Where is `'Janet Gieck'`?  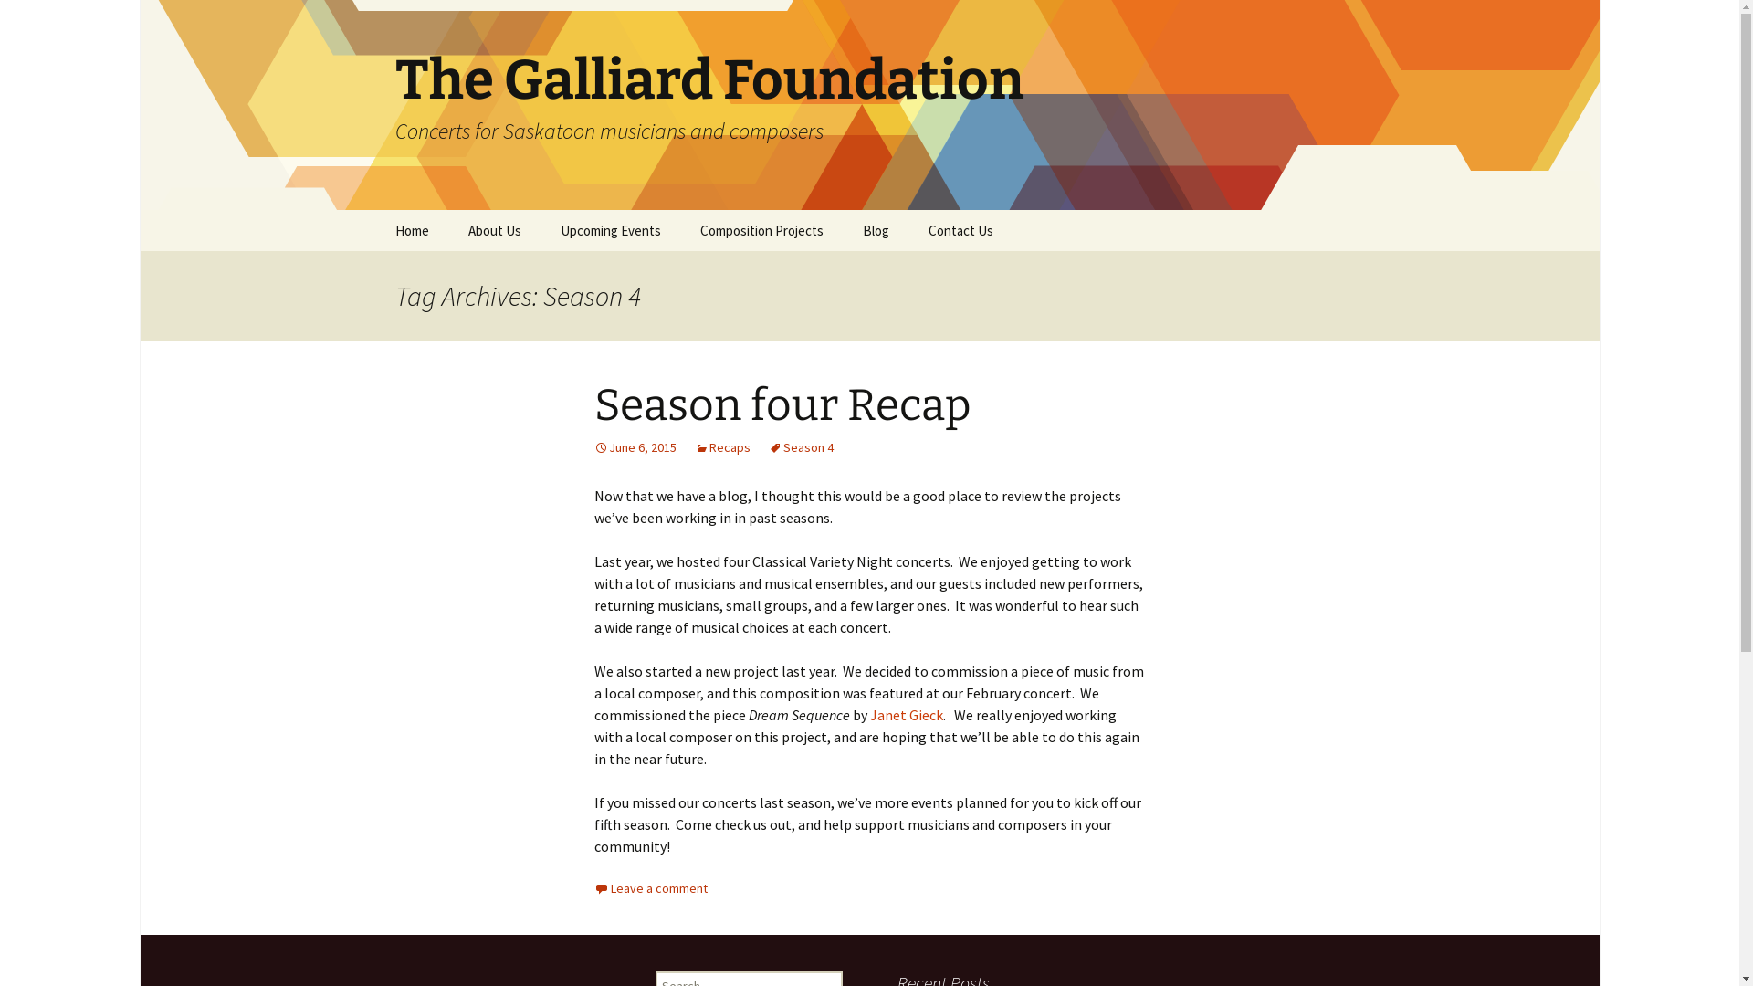 'Janet Gieck' is located at coordinates (906, 714).